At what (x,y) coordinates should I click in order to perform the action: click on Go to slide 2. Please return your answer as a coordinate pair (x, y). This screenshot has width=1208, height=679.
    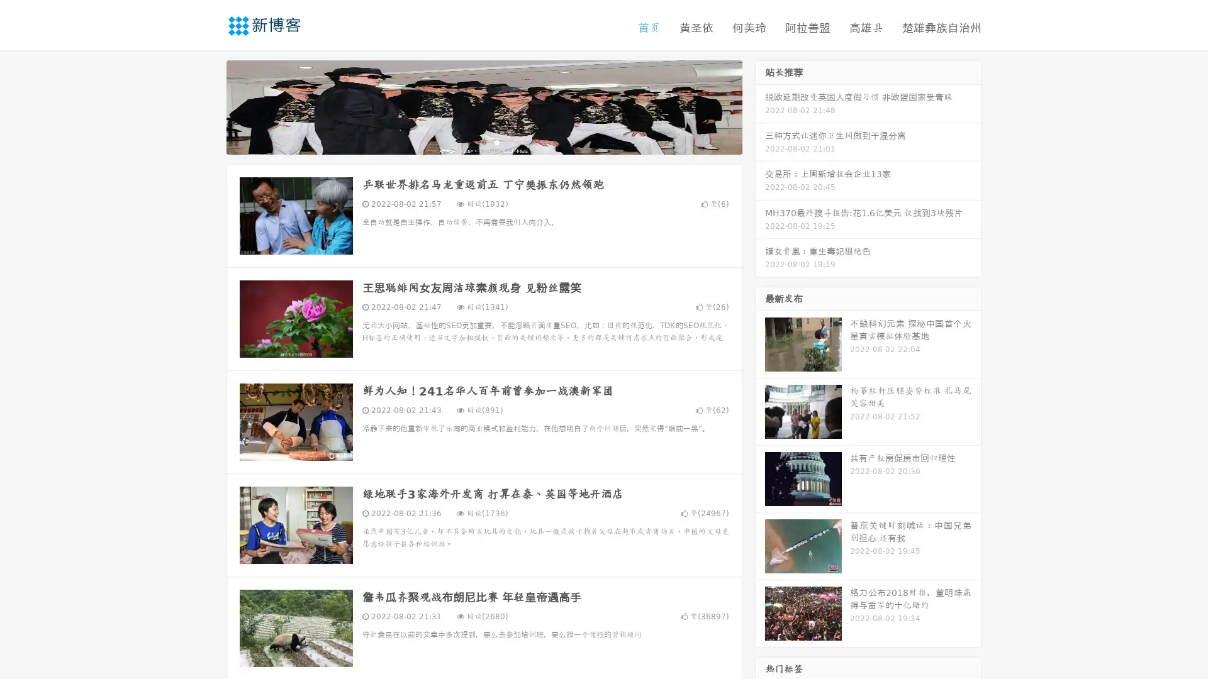
    Looking at the image, I should click on (483, 141).